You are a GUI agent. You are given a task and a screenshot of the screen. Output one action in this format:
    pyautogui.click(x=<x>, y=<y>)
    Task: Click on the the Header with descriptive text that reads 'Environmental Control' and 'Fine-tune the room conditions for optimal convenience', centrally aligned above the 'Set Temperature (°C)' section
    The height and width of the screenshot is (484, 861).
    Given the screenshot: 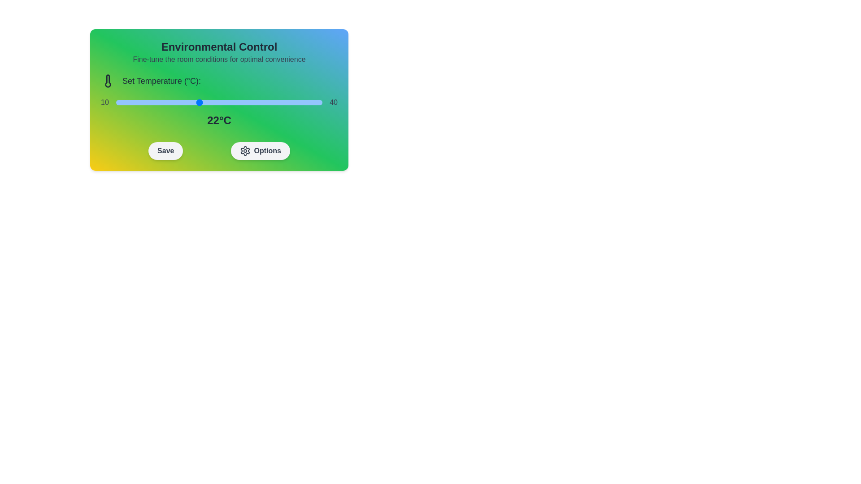 What is the action you would take?
    pyautogui.click(x=219, y=52)
    